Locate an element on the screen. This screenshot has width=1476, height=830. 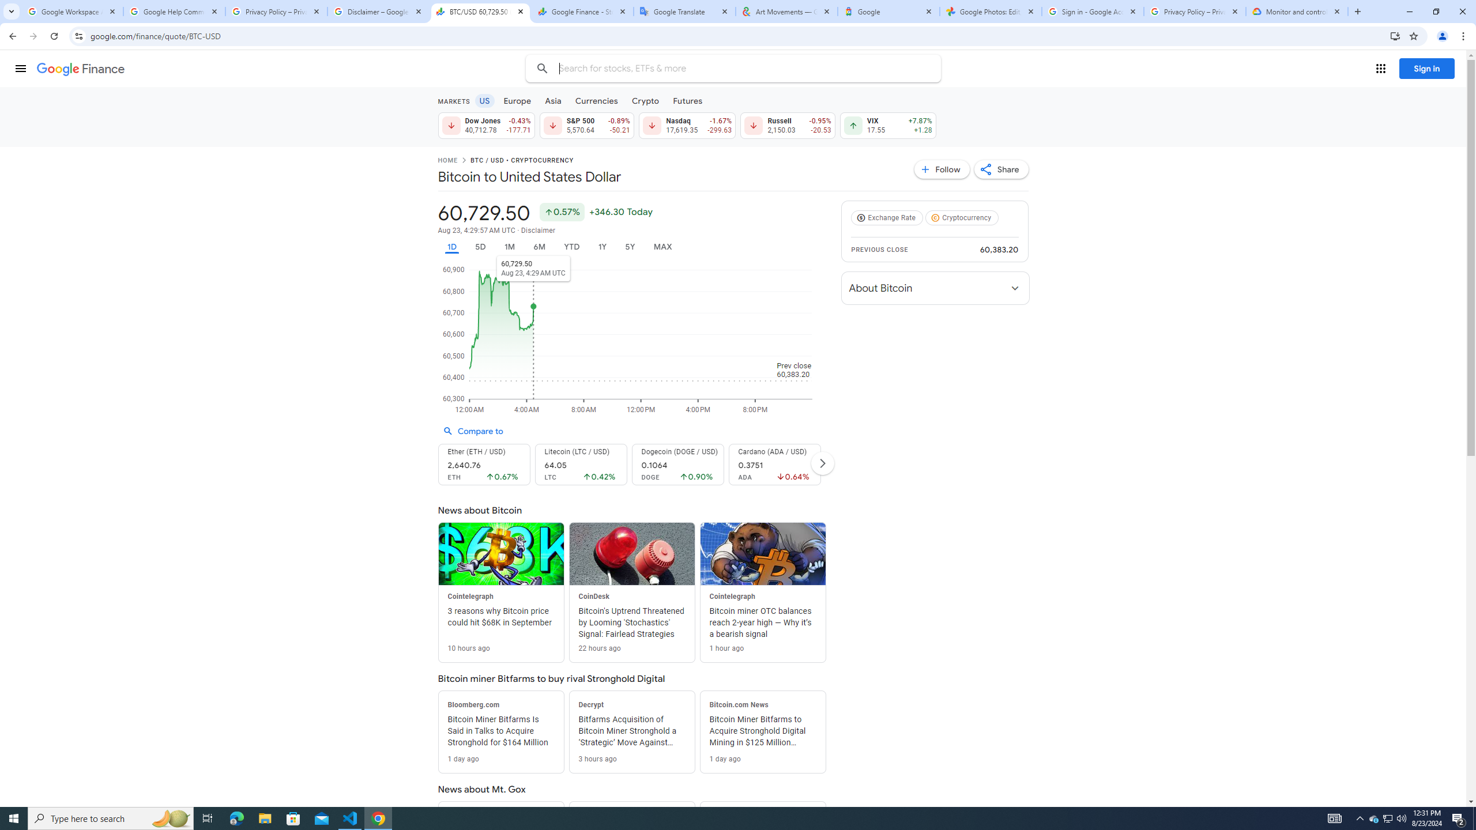
'Finance' is located at coordinates (80, 69).